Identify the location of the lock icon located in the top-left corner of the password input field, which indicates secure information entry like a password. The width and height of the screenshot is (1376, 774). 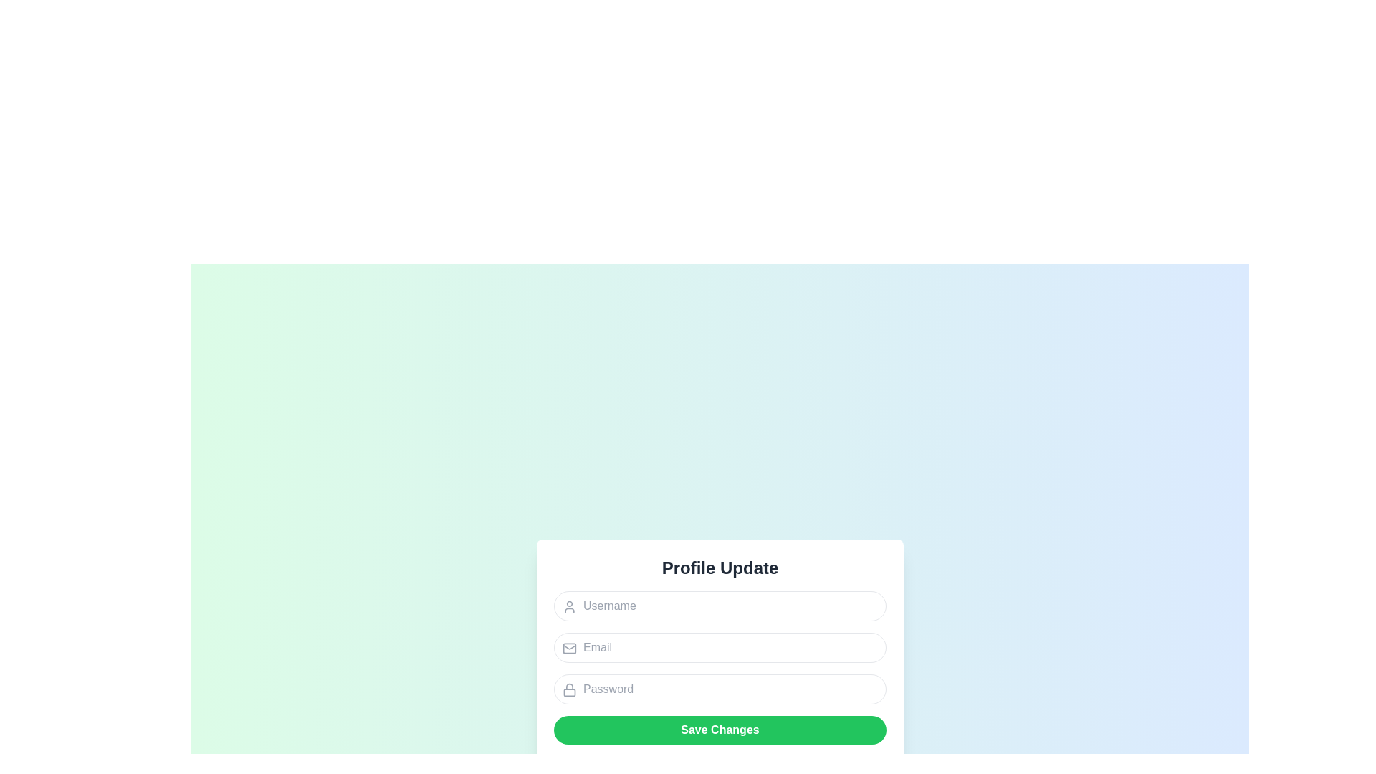
(569, 689).